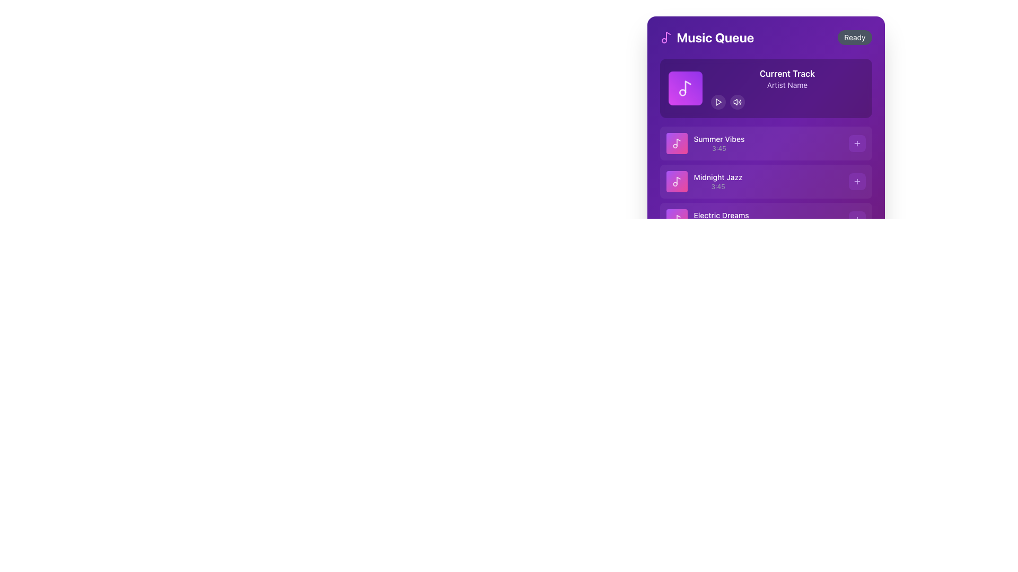 This screenshot has width=1018, height=572. Describe the element at coordinates (718, 181) in the screenshot. I see `the Text Block displaying the name and duration of the song in the music queue, located between 'Summer Vibes' and 'Electric Dreams'` at that location.